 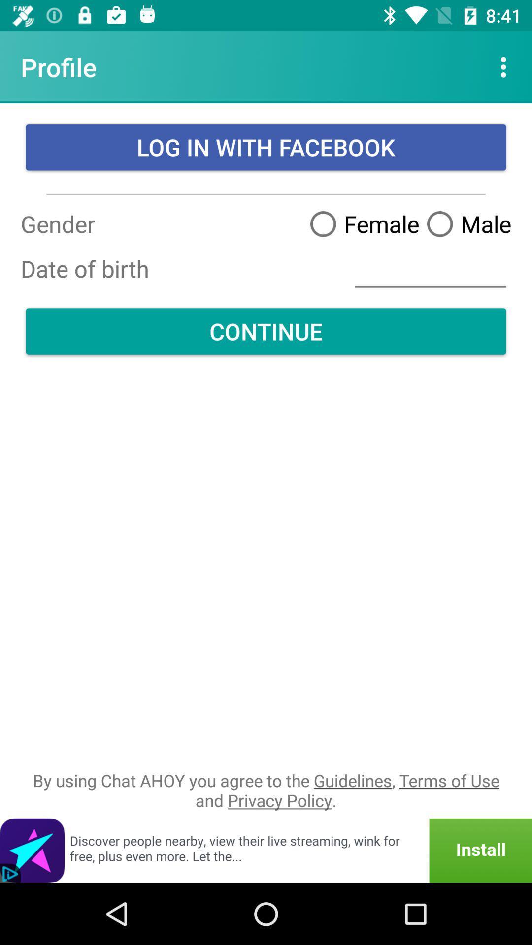 What do you see at coordinates (361, 223) in the screenshot?
I see `the female item` at bounding box center [361, 223].